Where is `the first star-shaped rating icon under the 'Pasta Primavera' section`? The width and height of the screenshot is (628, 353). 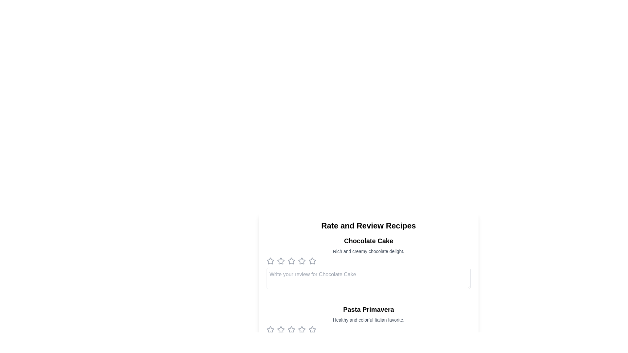 the first star-shaped rating icon under the 'Pasta Primavera' section is located at coordinates (291, 329).